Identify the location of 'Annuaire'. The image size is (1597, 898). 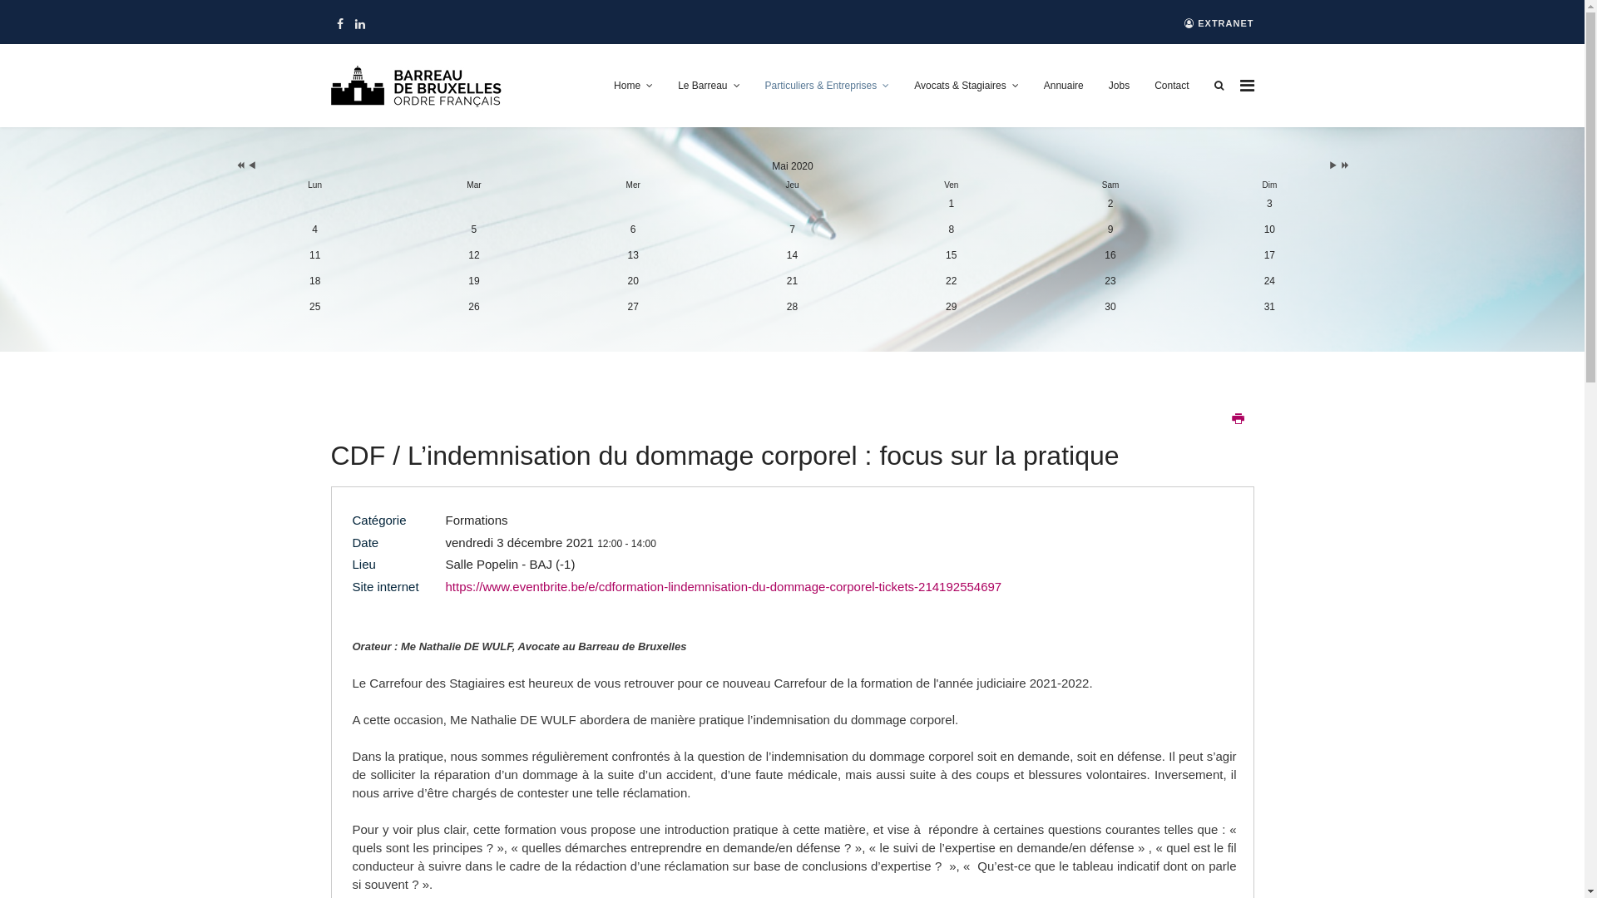
(1062, 86).